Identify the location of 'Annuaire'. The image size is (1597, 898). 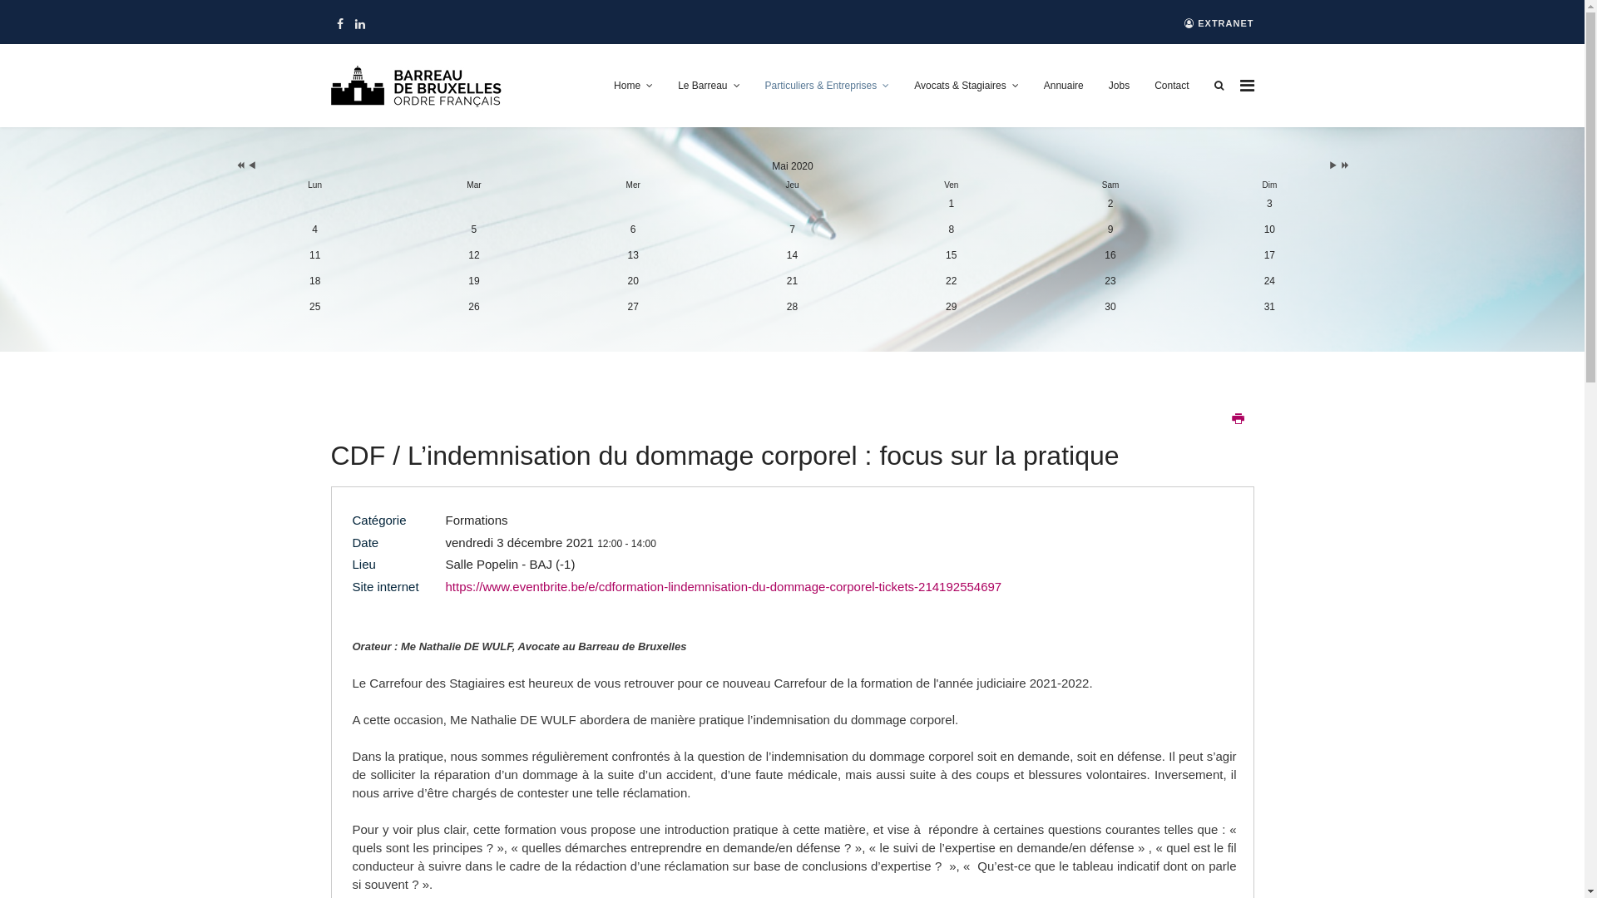
(1062, 86).